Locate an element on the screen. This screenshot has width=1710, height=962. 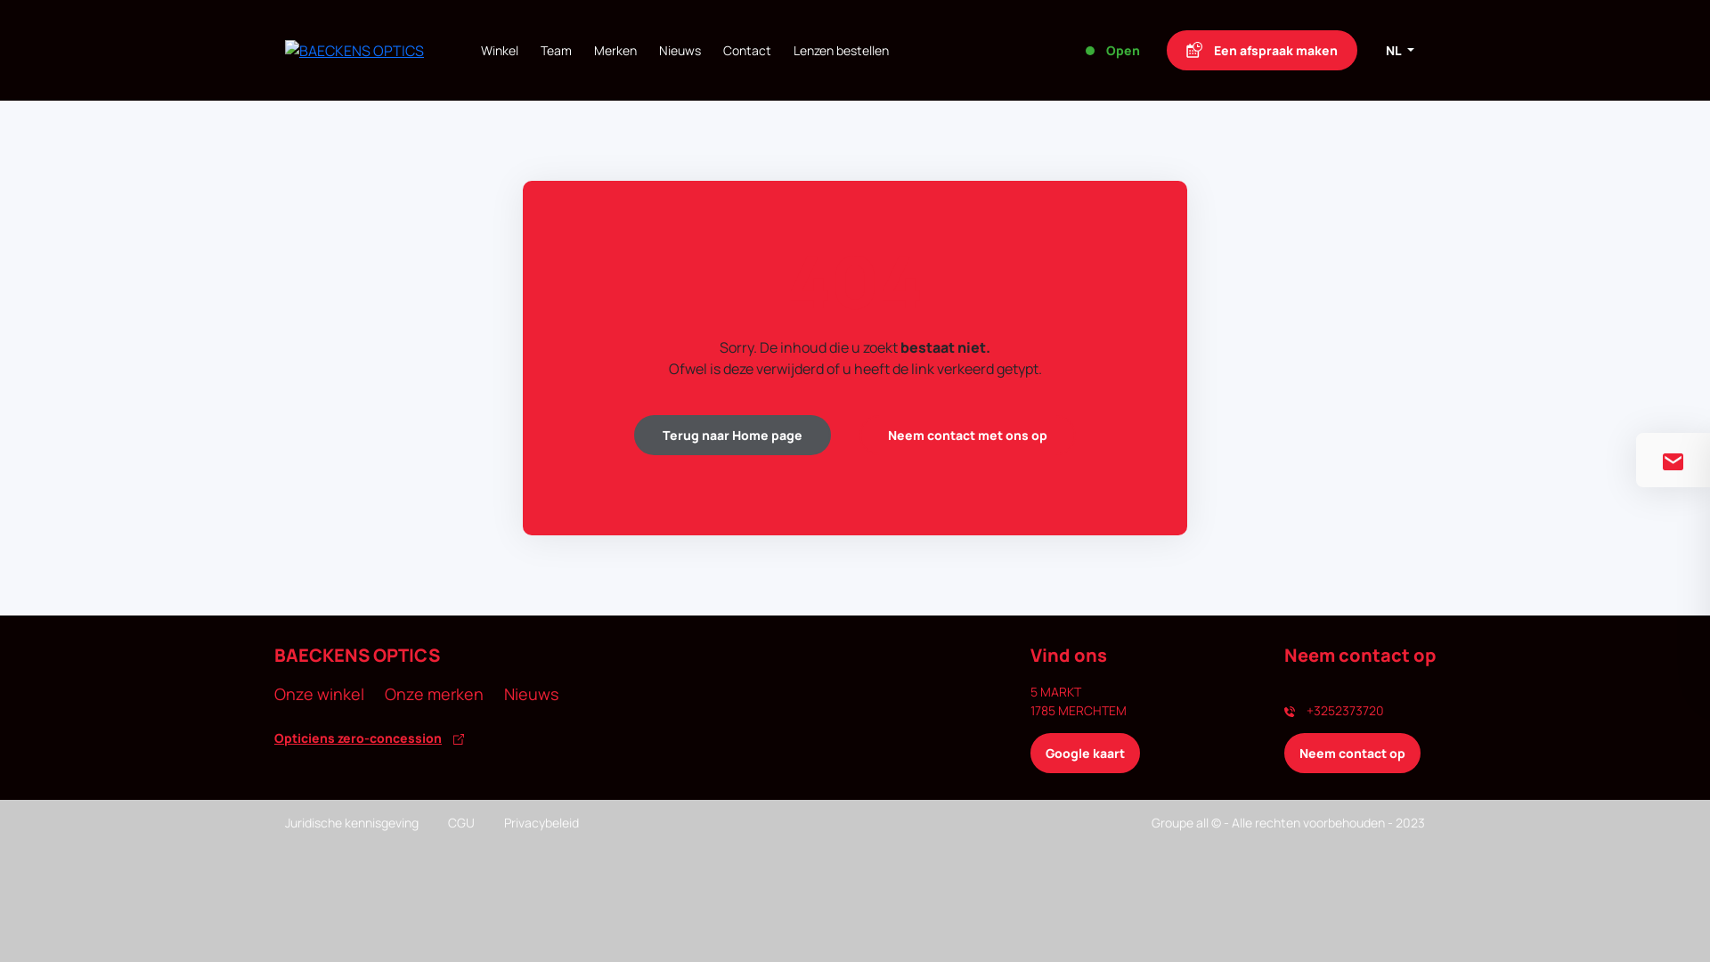
'Winkel' is located at coordinates (499, 49).